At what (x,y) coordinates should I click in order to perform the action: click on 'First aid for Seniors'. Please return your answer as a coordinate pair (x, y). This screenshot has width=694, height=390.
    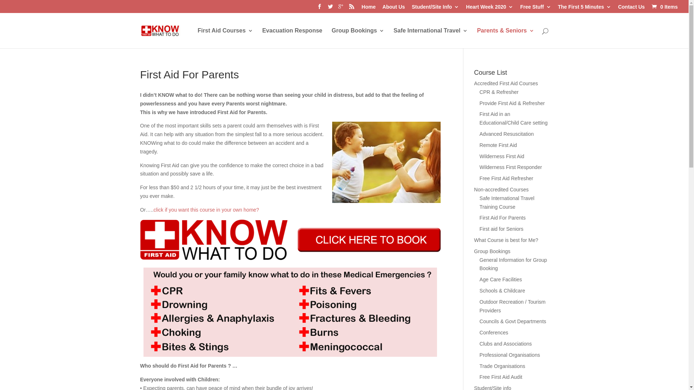
    Looking at the image, I should click on (501, 229).